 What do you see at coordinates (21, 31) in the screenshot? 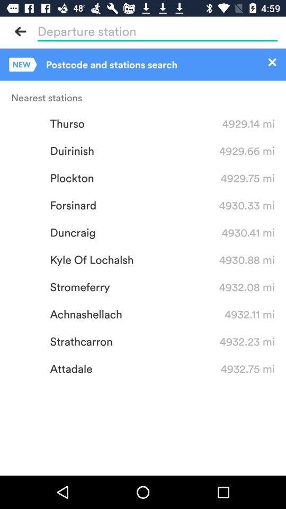
I see `the arrow_backward icon` at bounding box center [21, 31].